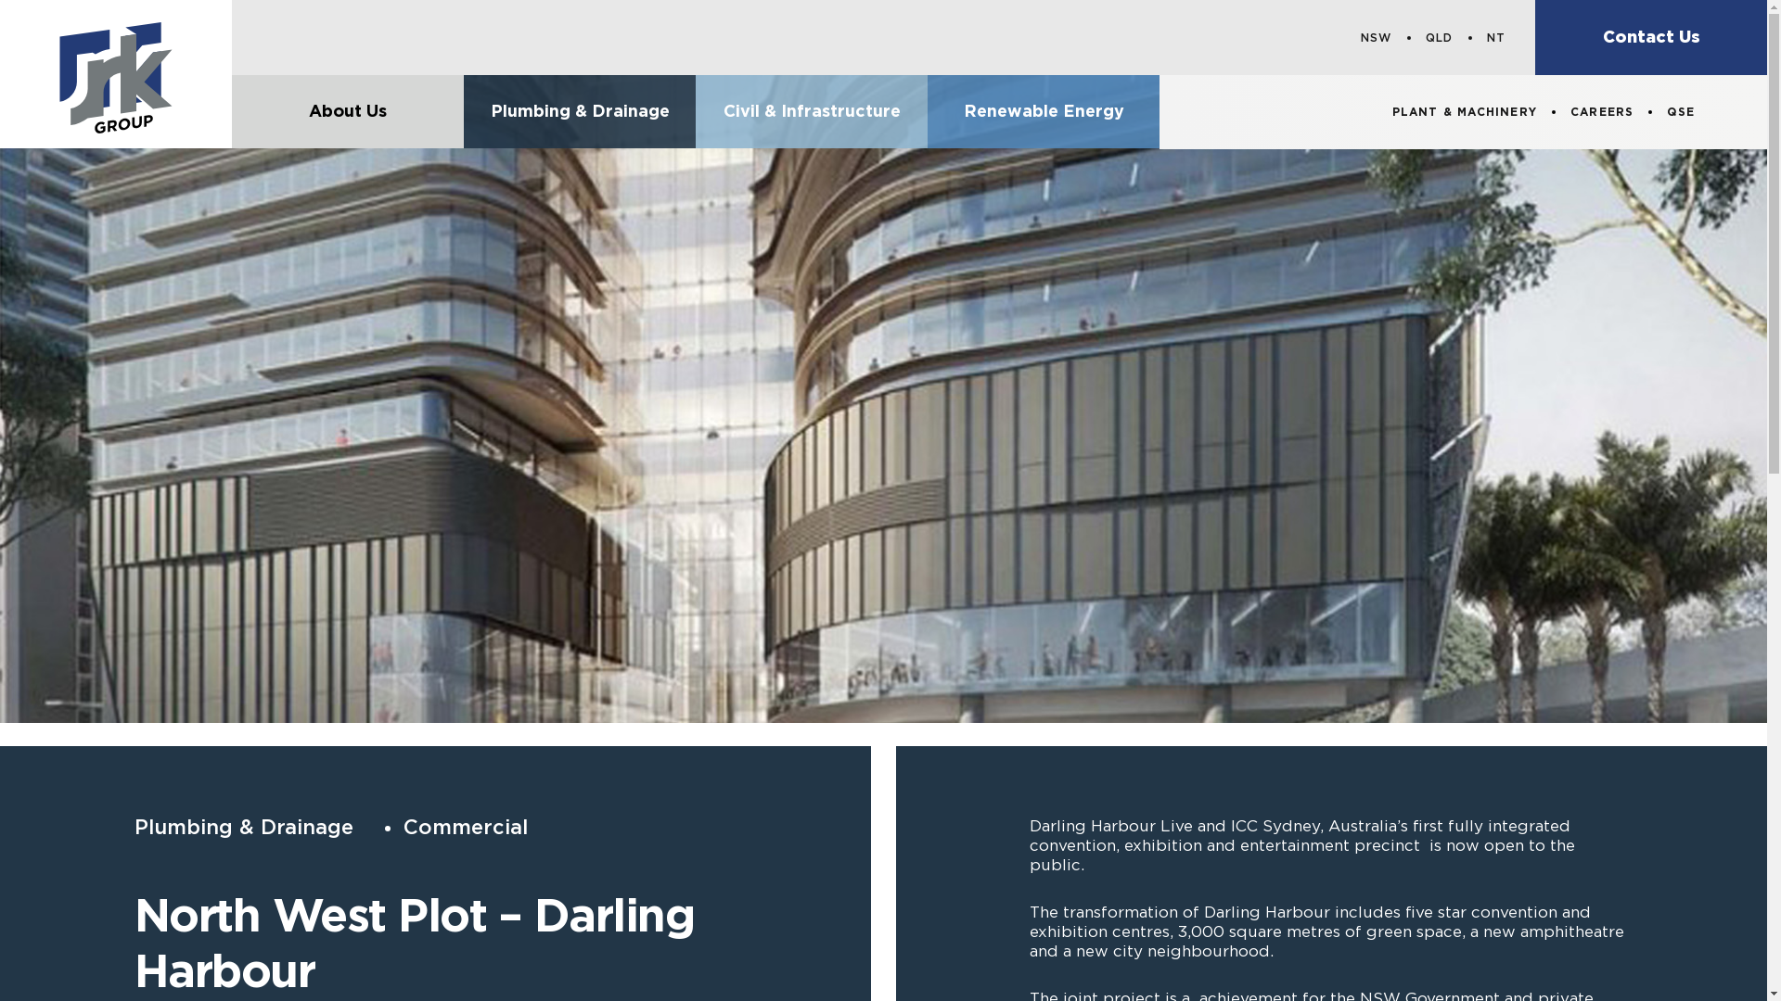 This screenshot has height=1001, width=1781. What do you see at coordinates (1361, 38) in the screenshot?
I see `'NSW'` at bounding box center [1361, 38].